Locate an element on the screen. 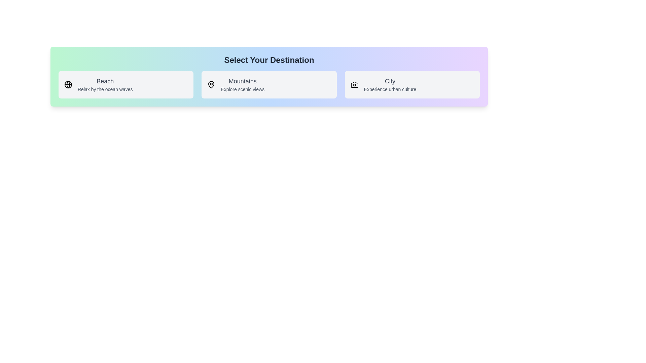 This screenshot has height=363, width=646. the city icon located in the rightmost card titled 'City', positioned to the left of the text 'City Experience urban culture' is located at coordinates (354, 84).